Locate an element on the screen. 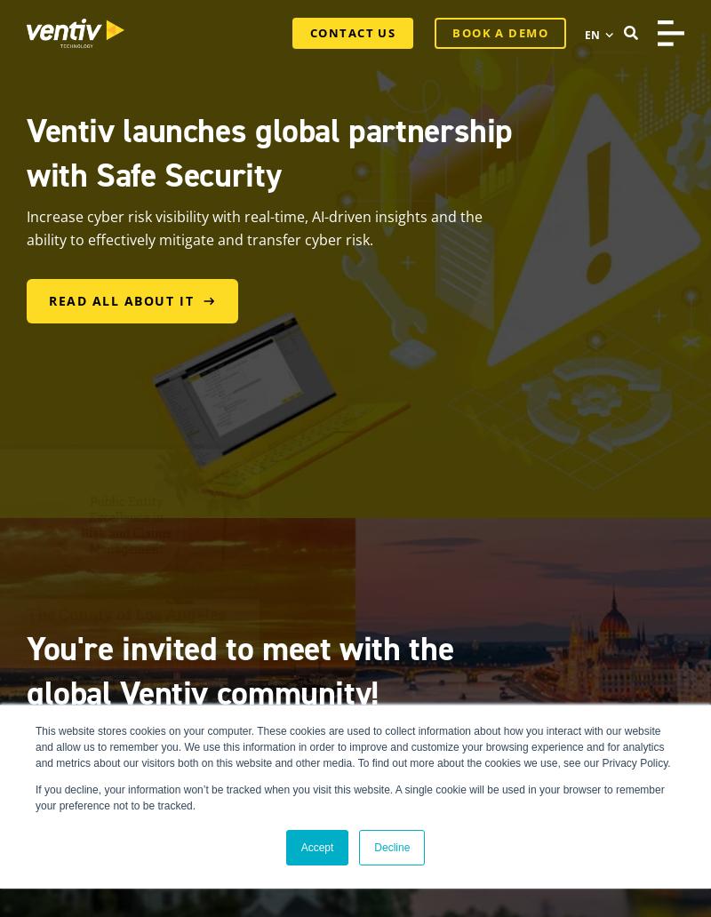  'Accept' is located at coordinates (316, 846).